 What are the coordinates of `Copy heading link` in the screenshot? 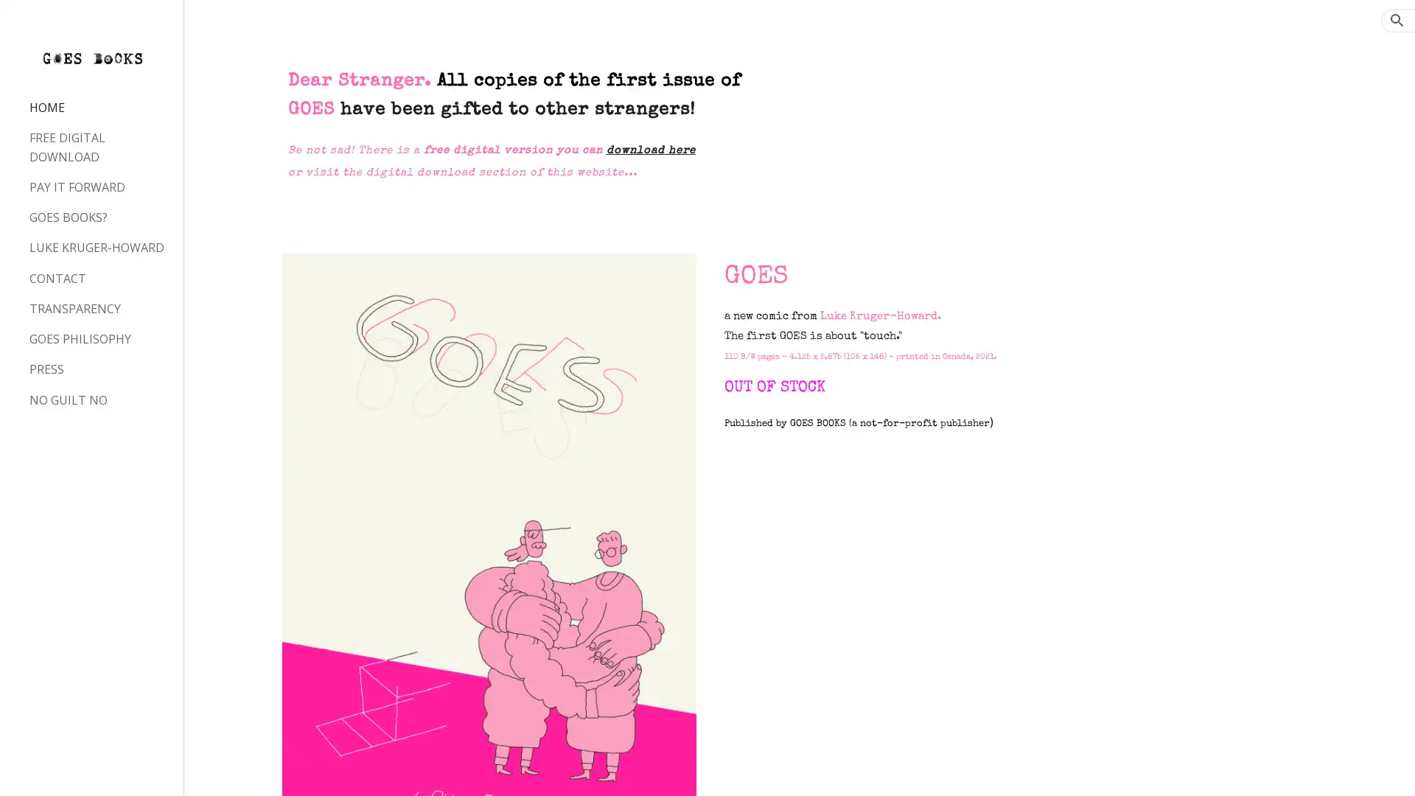 It's located at (896, 276).